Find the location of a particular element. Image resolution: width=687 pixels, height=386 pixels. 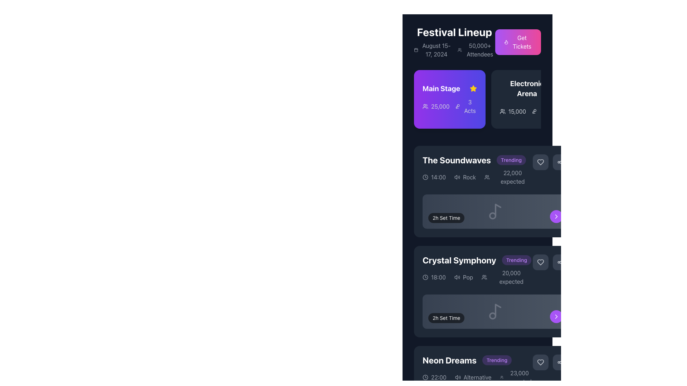

text content of the element displaying 'August 15-17, 2024 50,000+ Attendees', which is styled in light gray on a dark background, located below the 'Festival Lineup' title is located at coordinates (454, 49).